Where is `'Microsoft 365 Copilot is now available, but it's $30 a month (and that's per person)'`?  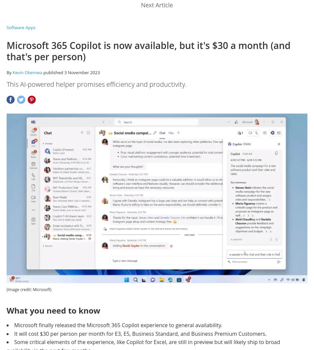 'Microsoft 365 Copilot is now available, but it's $30 a month (and that's per person)' is located at coordinates (7, 51).